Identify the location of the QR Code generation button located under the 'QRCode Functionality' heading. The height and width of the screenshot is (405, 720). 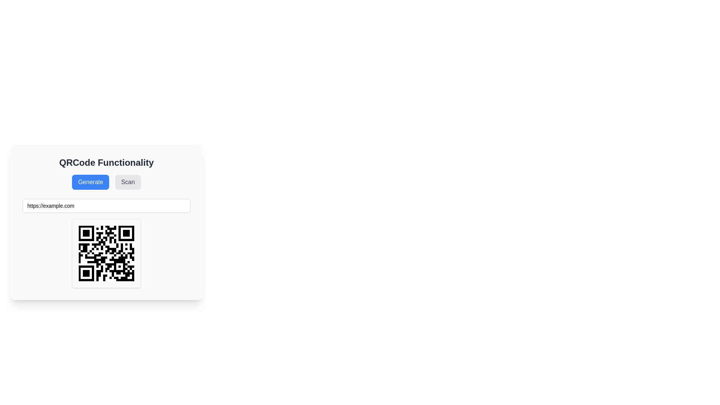
(90, 182).